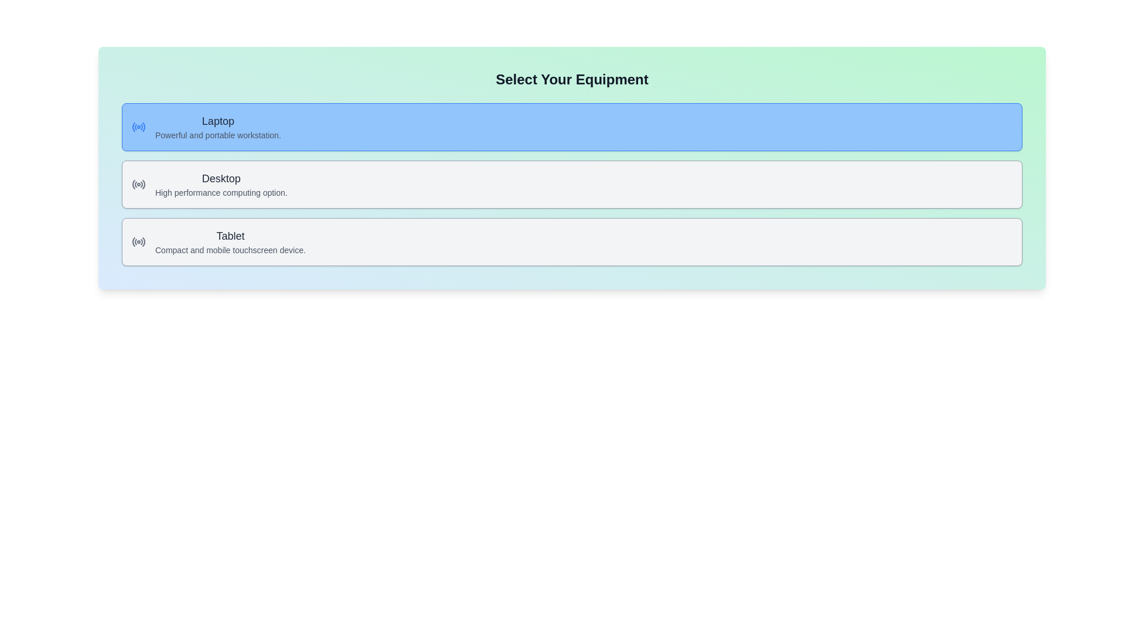 Image resolution: width=1125 pixels, height=633 pixels. What do you see at coordinates (221, 192) in the screenshot?
I see `text content element that displays 'High performance computing option.' located inside the second option box labeled 'Desktop', positioned below the main title of the box` at bounding box center [221, 192].